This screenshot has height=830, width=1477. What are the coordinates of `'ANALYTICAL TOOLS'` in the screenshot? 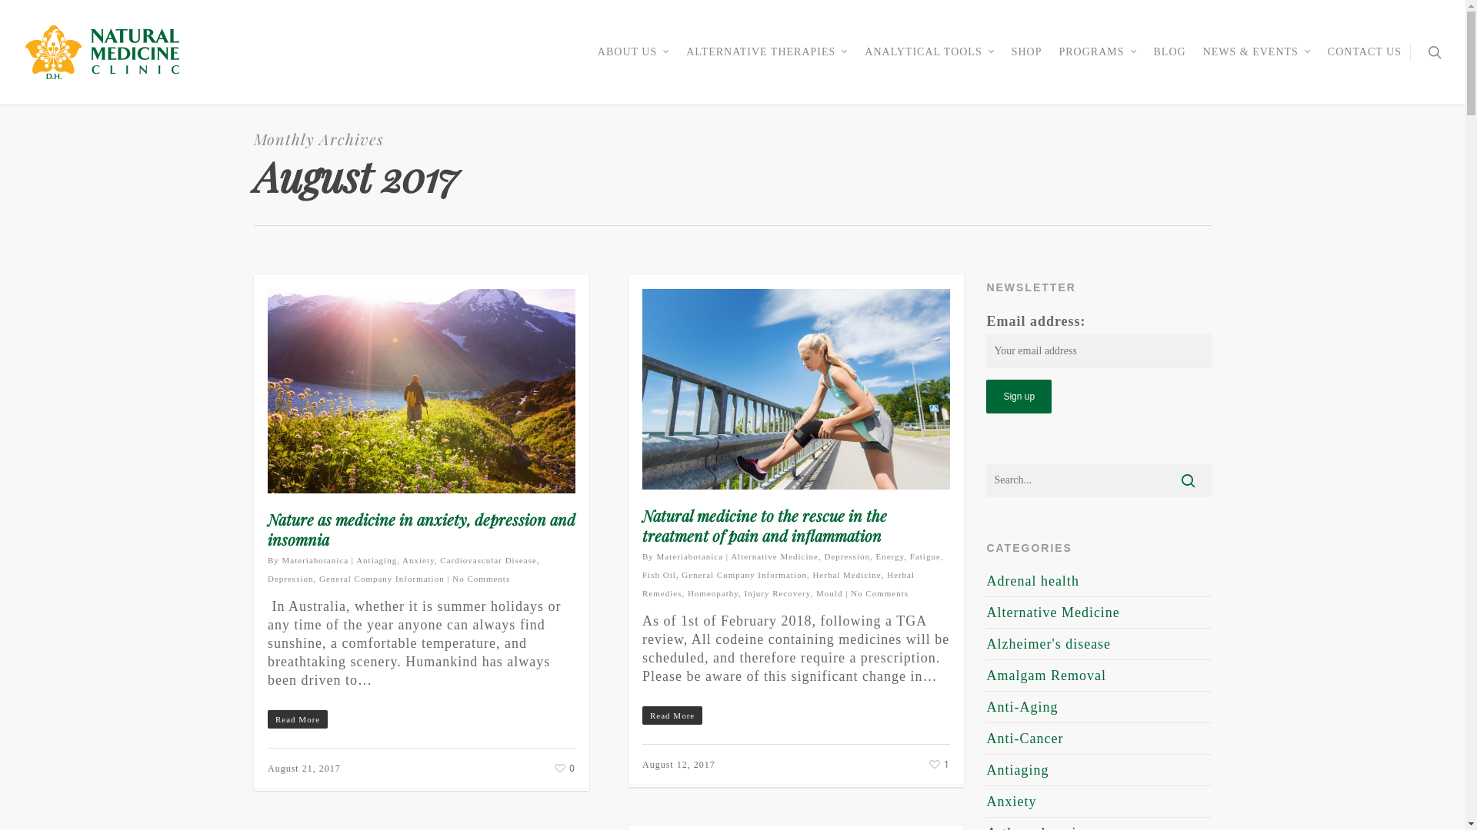 It's located at (929, 61).